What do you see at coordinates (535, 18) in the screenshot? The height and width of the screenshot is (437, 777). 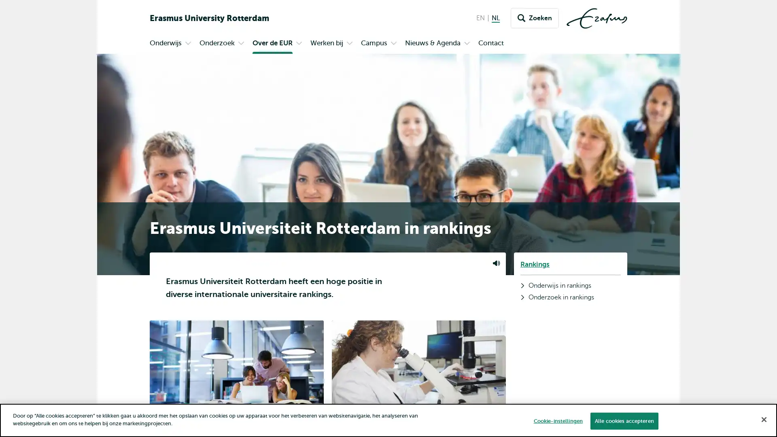 I see `Zoeken` at bounding box center [535, 18].